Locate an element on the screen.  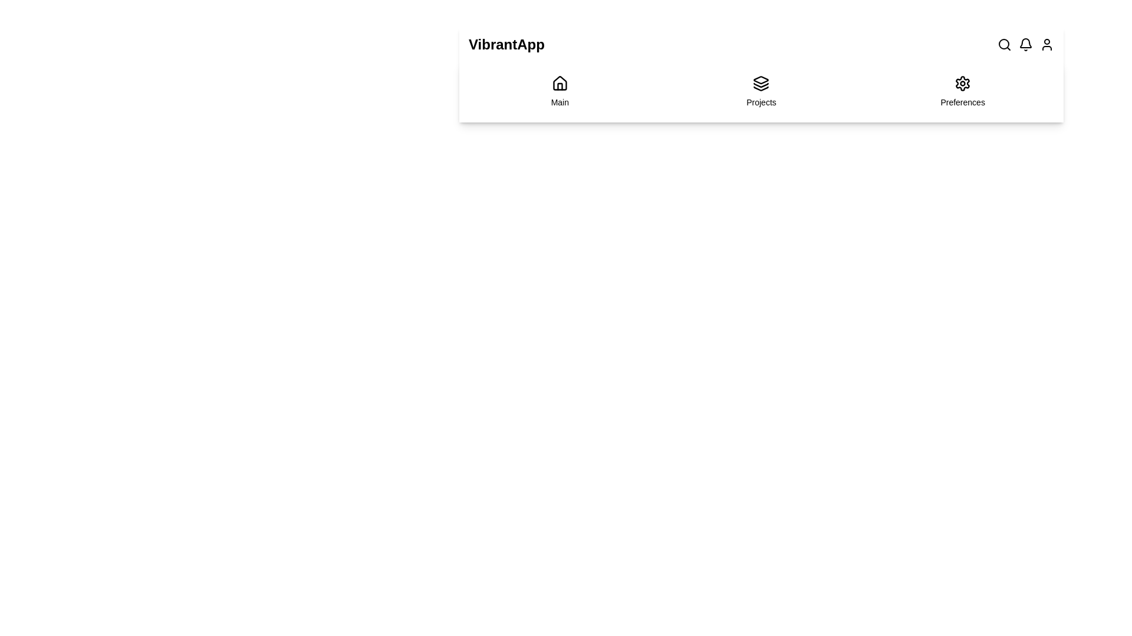
the VibrantApp title to focus on the header is located at coordinates (506, 44).